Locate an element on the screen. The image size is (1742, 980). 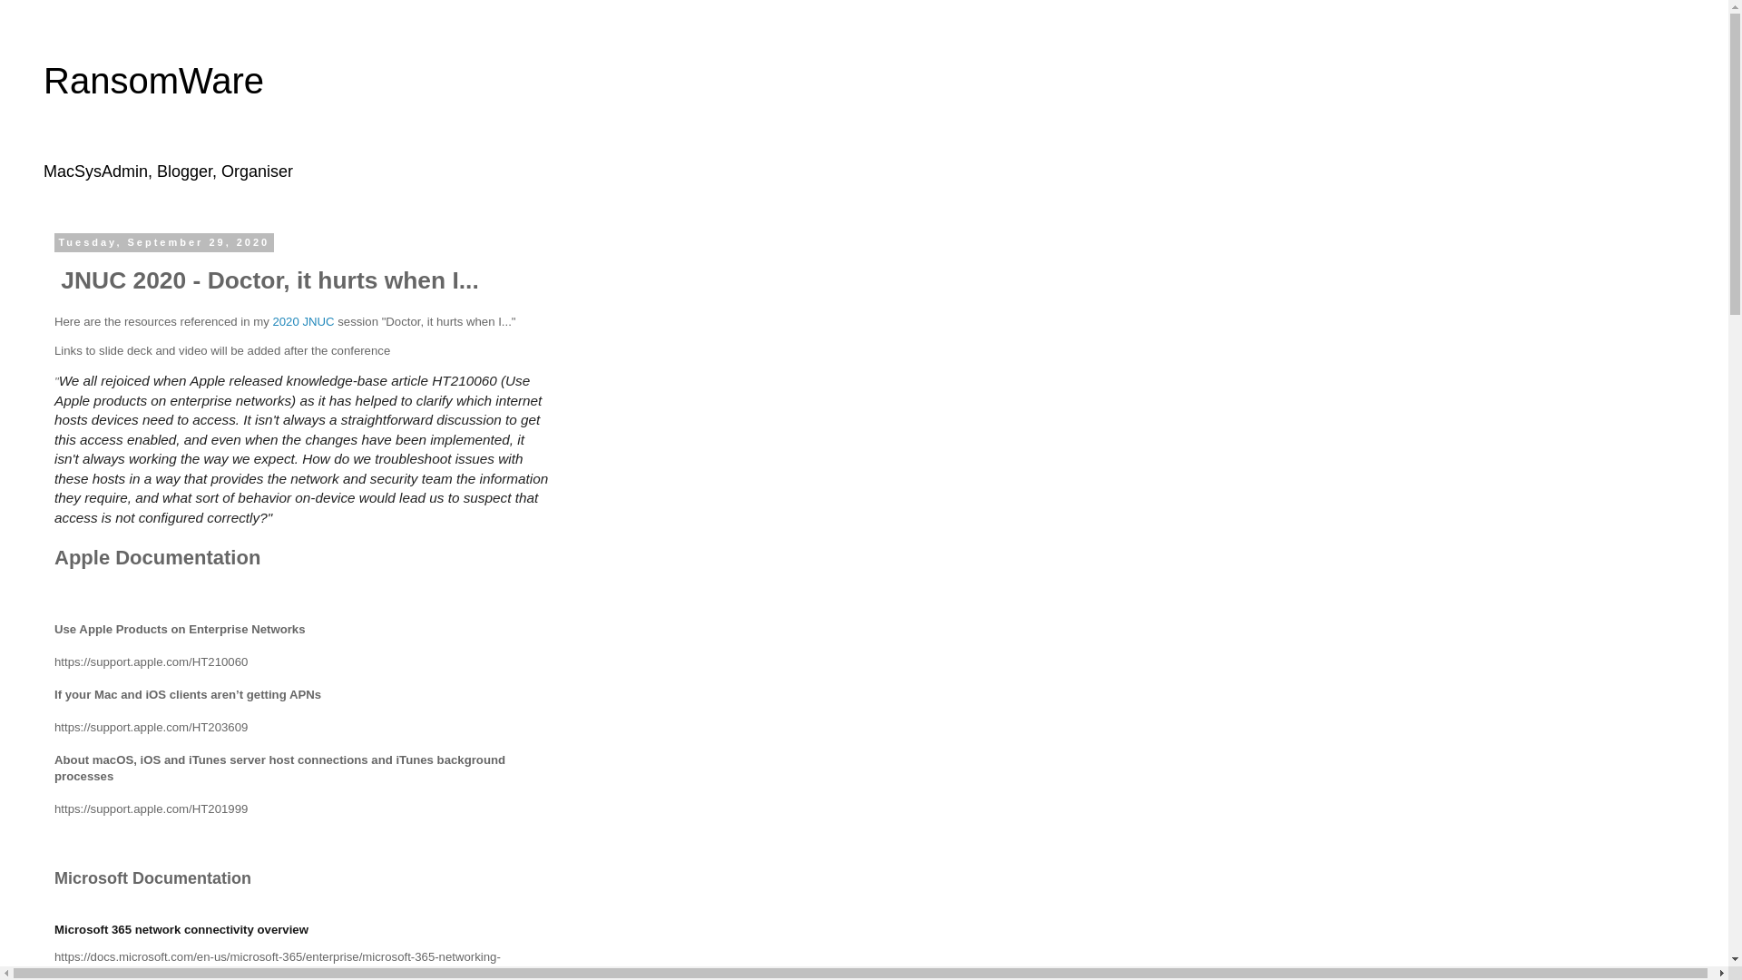
'RansomWare' is located at coordinates (44, 79).